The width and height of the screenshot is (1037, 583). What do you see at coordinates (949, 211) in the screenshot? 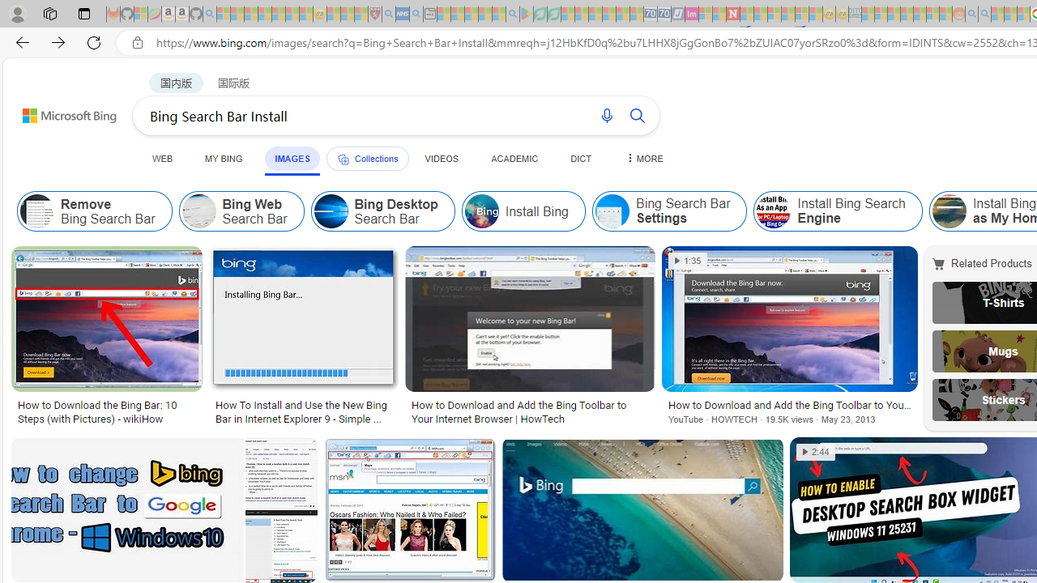
I see `'Install Bing as My Homepage'` at bounding box center [949, 211].